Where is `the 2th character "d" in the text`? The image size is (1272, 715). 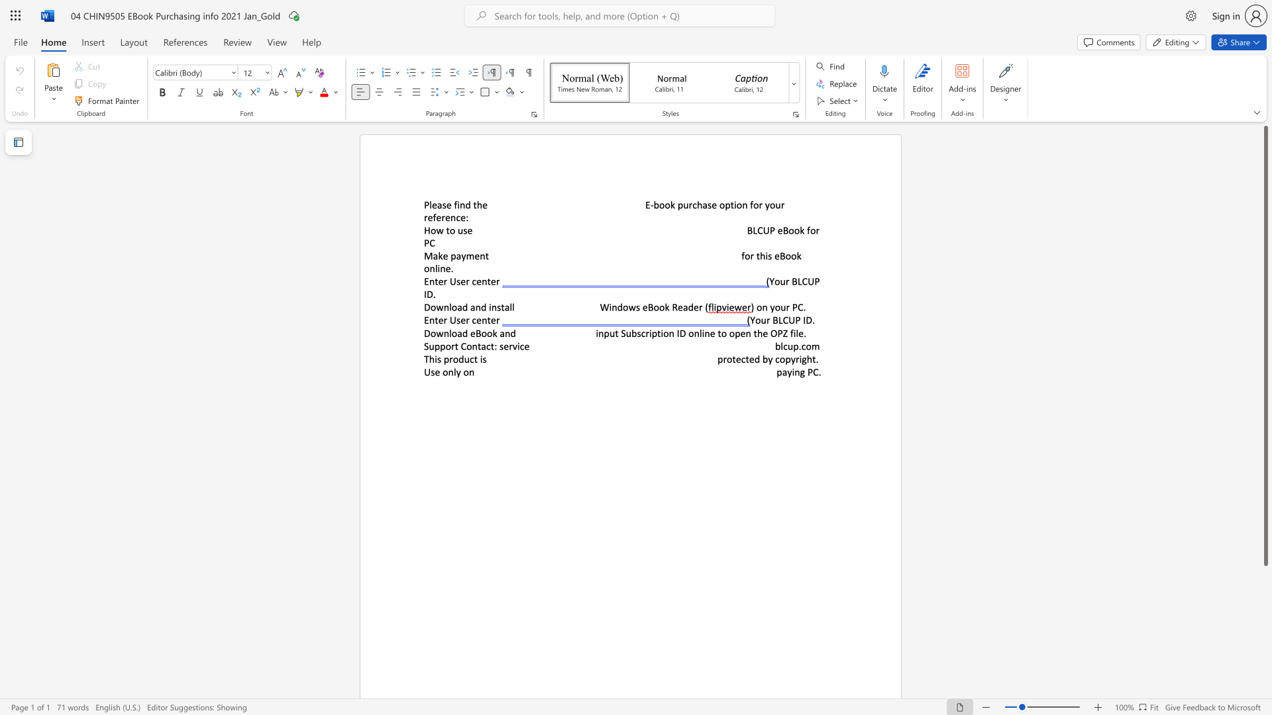
the 2th character "d" in the text is located at coordinates (690, 307).